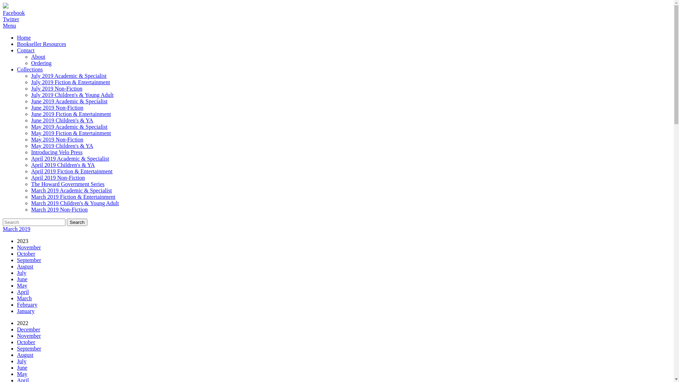 The height and width of the screenshot is (382, 679). Describe the element at coordinates (9, 25) in the screenshot. I see `'Menu'` at that location.